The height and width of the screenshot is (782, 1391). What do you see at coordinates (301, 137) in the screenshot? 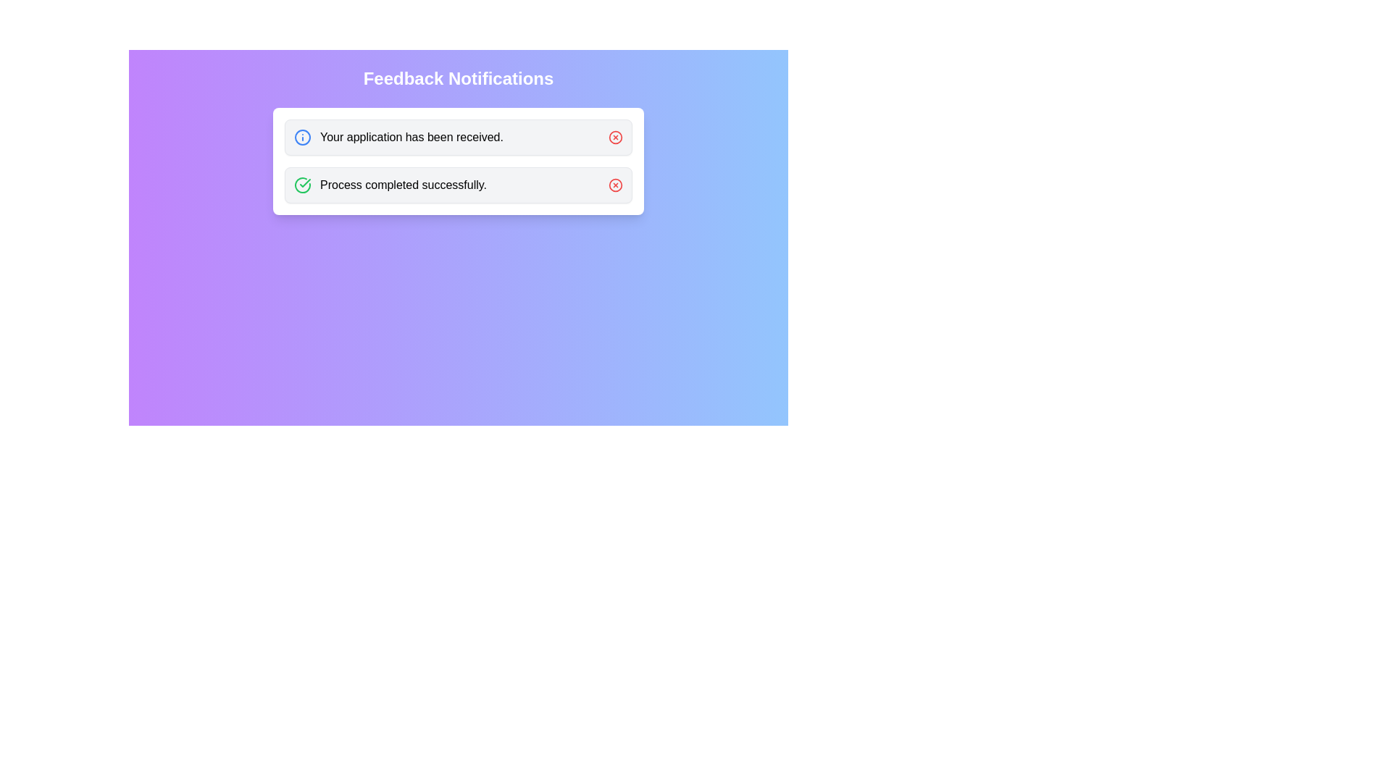
I see `the circular shape of the information icon, which is part of an SVG graphic styled with a blue stroke and located in the top notification card next to the text 'Your application has been received.'` at bounding box center [301, 137].